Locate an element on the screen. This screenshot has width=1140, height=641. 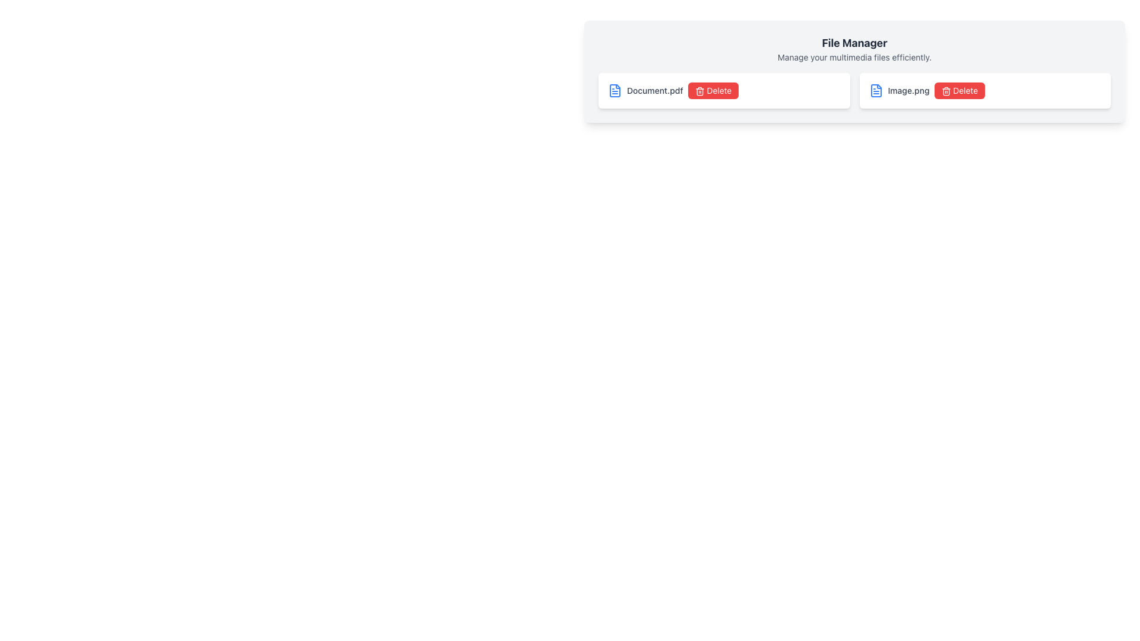
the prominent heading text label styled with a bold font and dark gray color, reading 'File Manager', located at the top of the section is located at coordinates (854, 43).